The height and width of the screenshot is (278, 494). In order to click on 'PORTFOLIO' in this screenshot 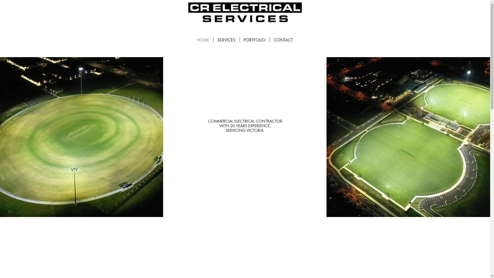, I will do `click(254, 39)`.